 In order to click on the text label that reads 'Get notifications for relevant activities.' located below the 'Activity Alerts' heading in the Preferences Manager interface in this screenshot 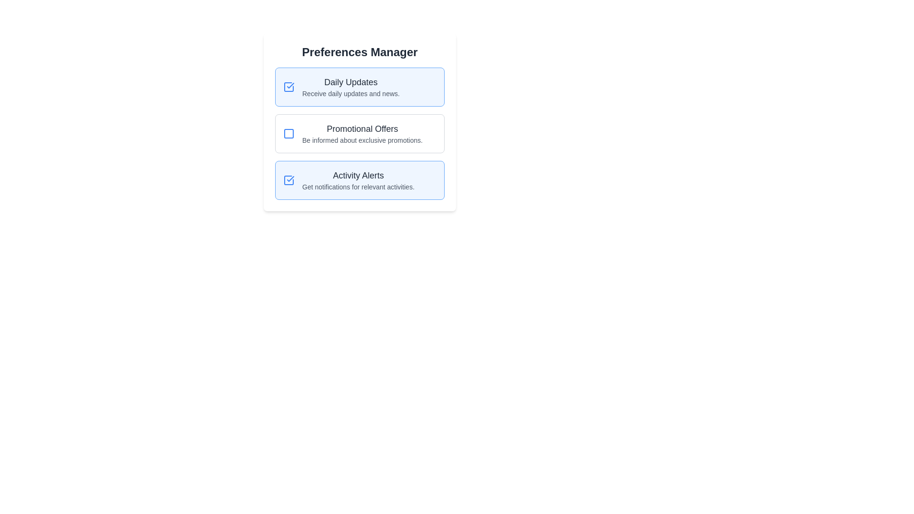, I will do `click(358, 187)`.